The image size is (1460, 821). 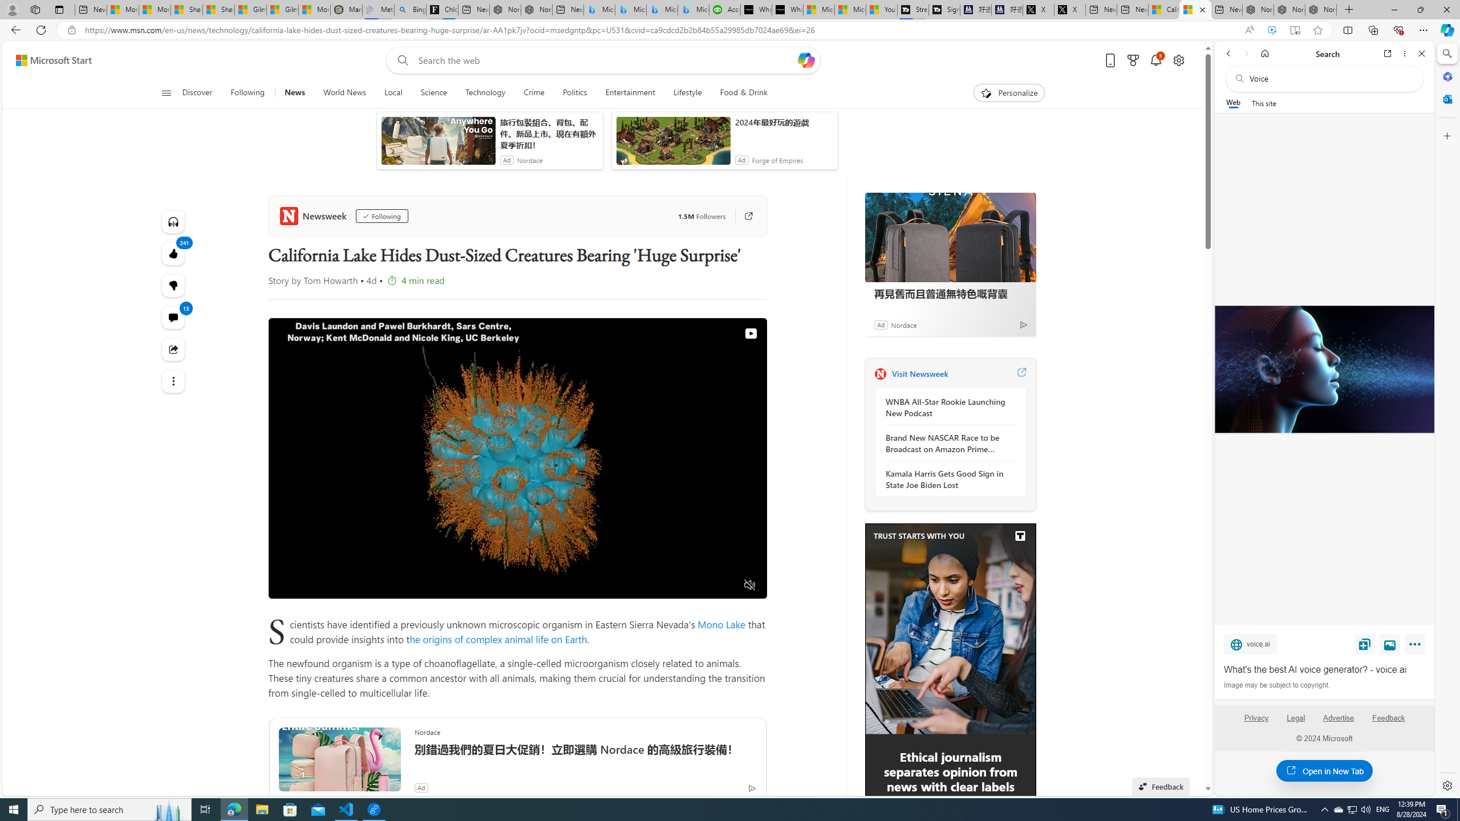 I want to click on 'Nordace - #1 Japanese Best-Seller - Siena Smart Backpack', so click(x=537, y=9).